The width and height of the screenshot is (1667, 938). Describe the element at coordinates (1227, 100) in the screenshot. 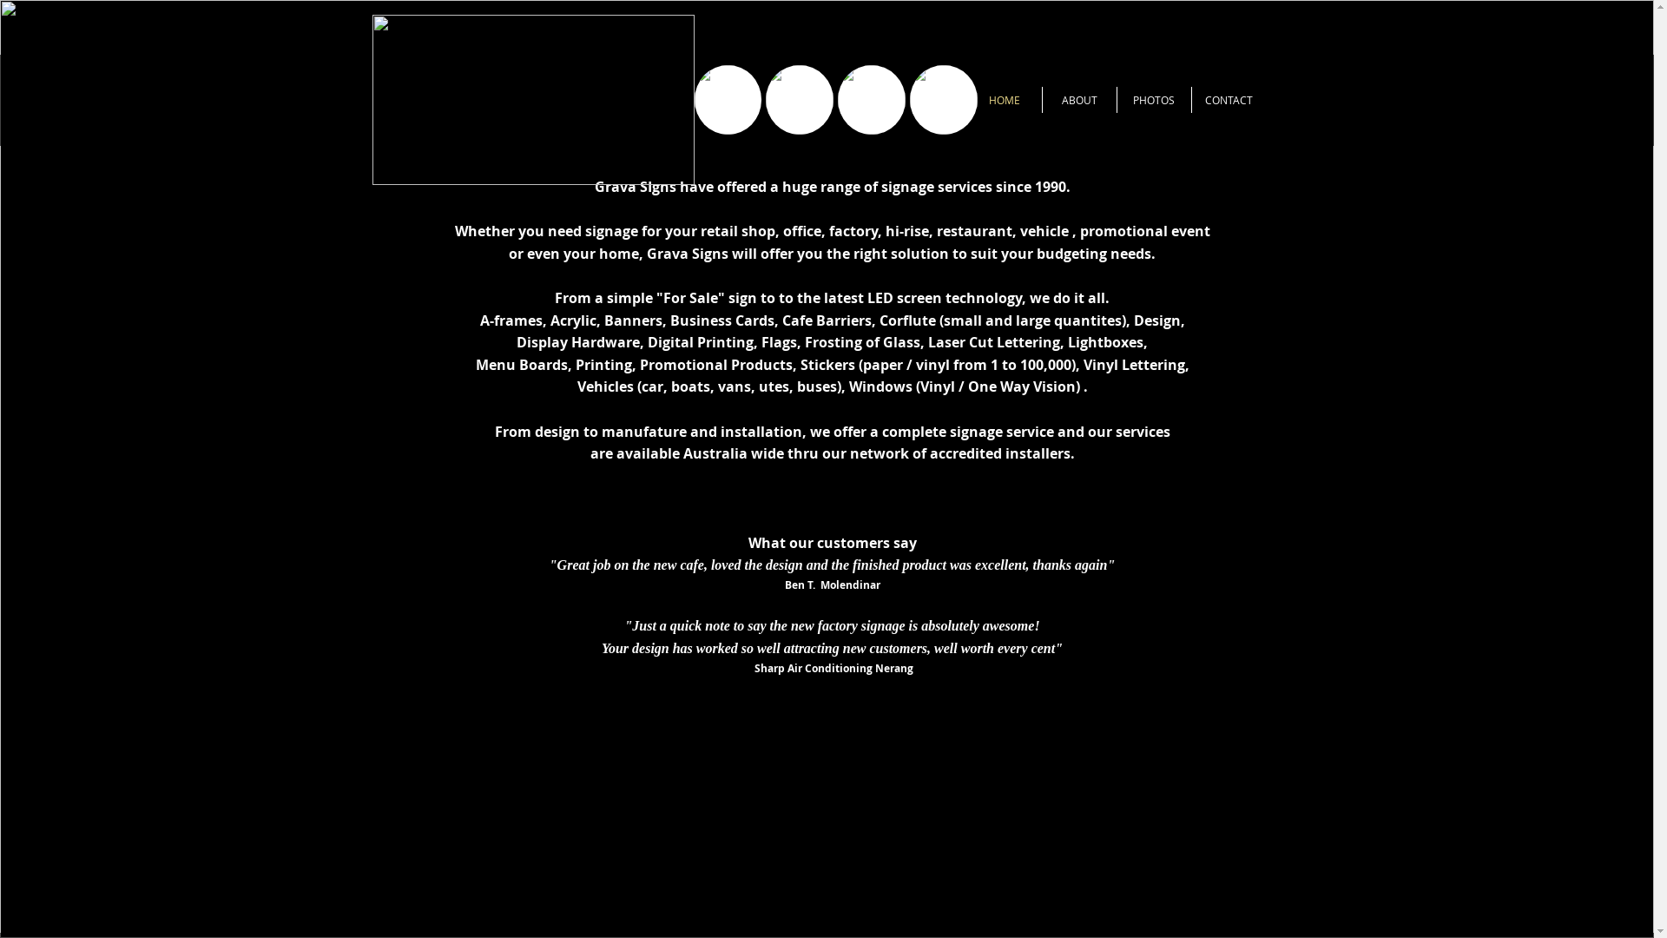

I see `'CONTACT'` at that location.